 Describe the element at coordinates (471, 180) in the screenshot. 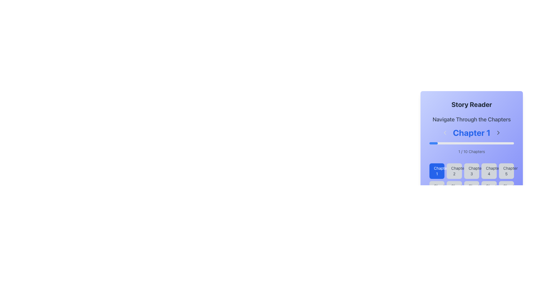

I see `the navigation button for 'Chapter 3' located in the top row of the chapter buttons grid, following 'Chapter 1' and 'Chapter 2'` at that location.